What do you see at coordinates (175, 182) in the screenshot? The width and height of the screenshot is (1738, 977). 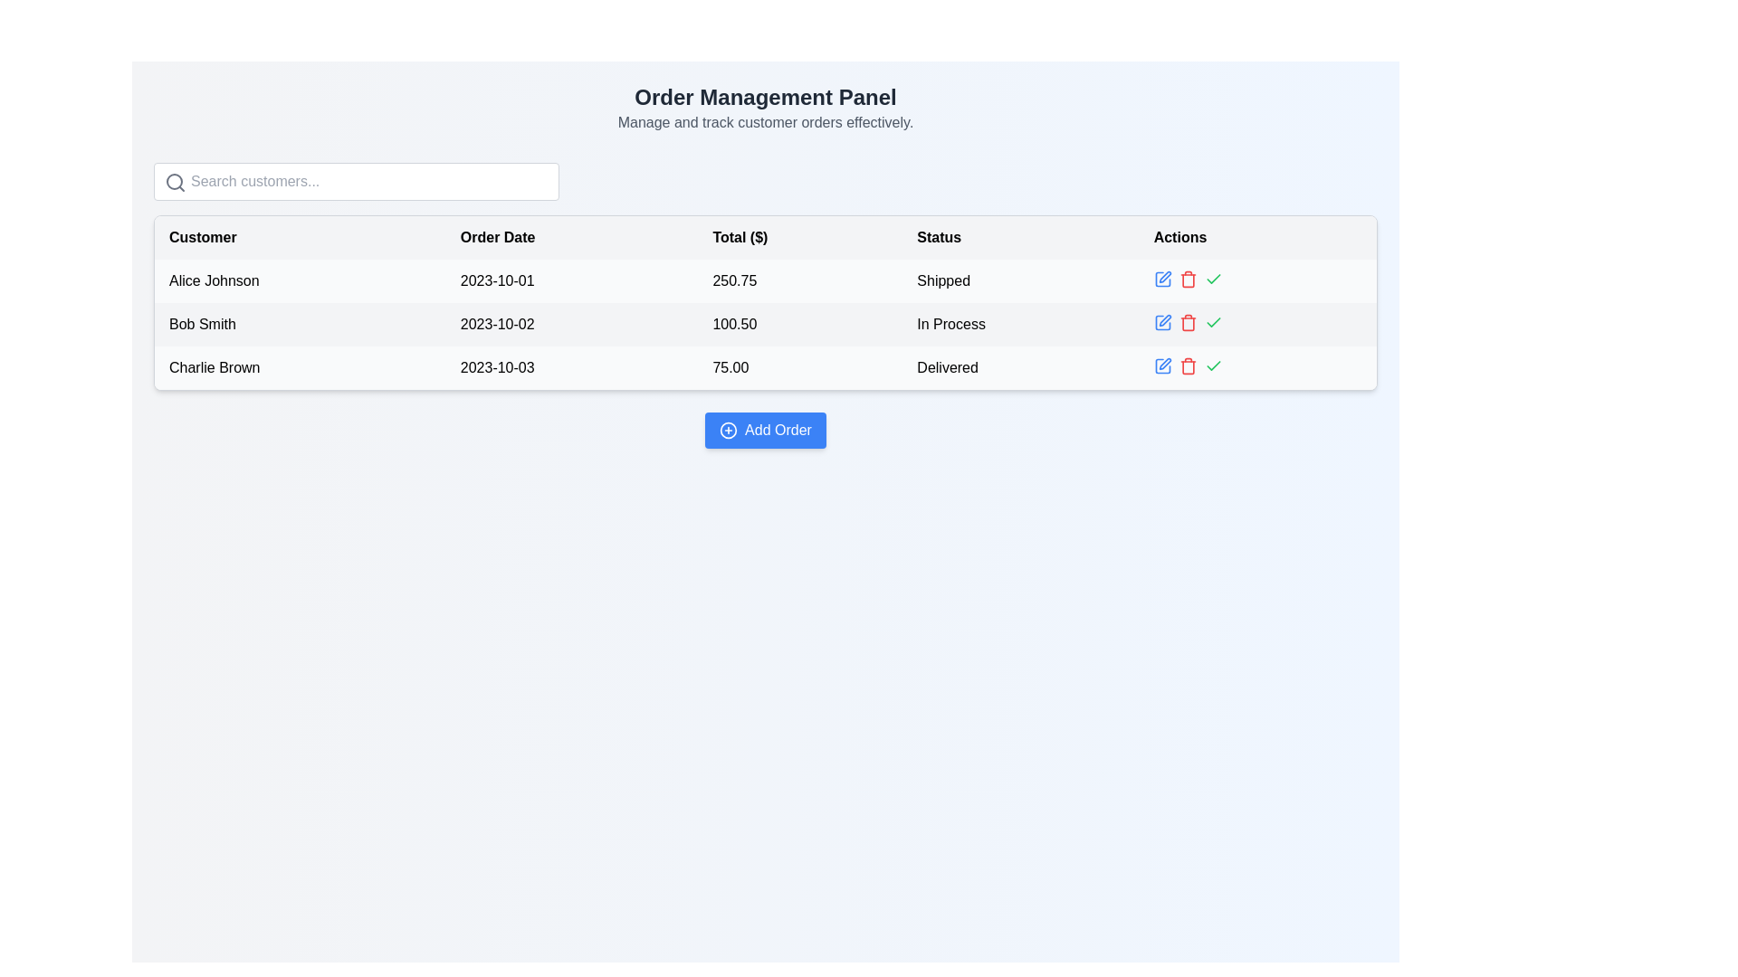 I see `the search icon SVG located at the top-left corner of the interface, which indicates the search functionality for entering queries` at bounding box center [175, 182].